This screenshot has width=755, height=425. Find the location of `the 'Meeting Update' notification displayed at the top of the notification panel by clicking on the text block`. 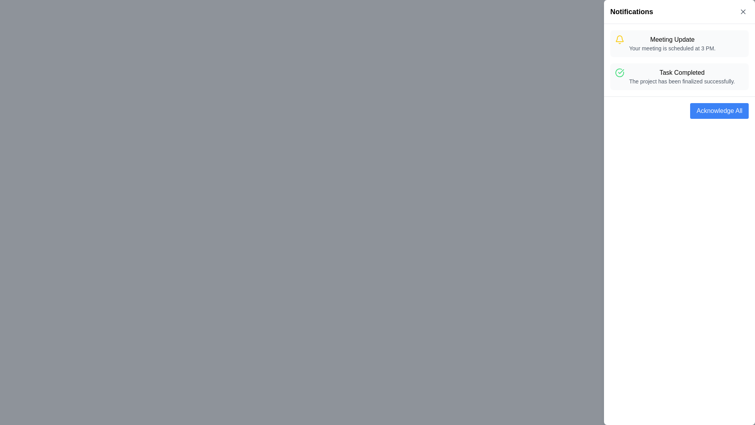

the 'Meeting Update' notification displayed at the top of the notification panel by clicking on the text block is located at coordinates (672, 44).